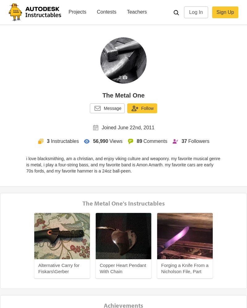 The height and width of the screenshot is (308, 247). Describe the element at coordinates (99, 268) in the screenshot. I see `'Copper Heart Pendant With Chain'` at that location.